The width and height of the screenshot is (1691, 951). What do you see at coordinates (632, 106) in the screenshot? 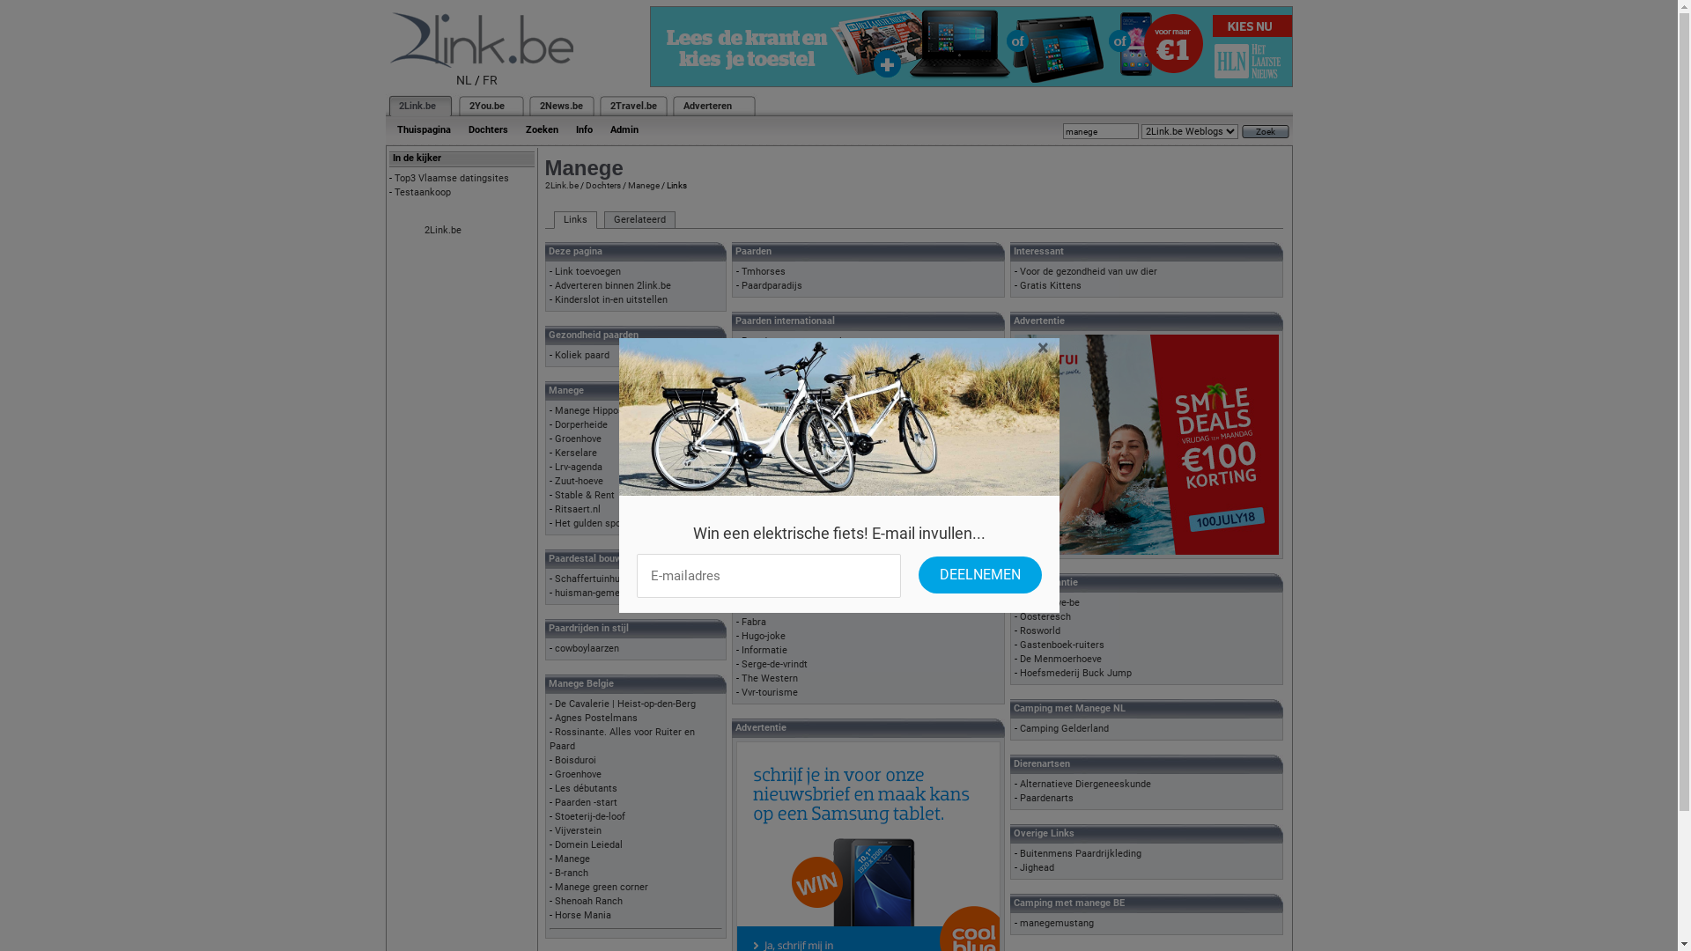
I see `'2Travel.be'` at bounding box center [632, 106].